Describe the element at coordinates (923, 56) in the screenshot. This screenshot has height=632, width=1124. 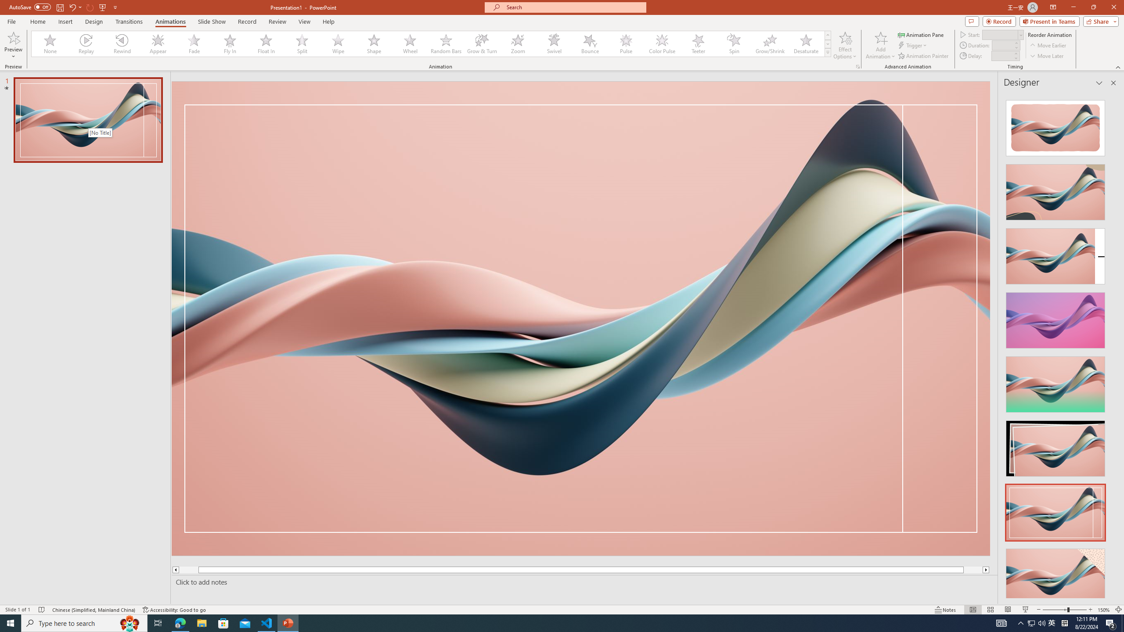
I see `'Animation Painter'` at that location.